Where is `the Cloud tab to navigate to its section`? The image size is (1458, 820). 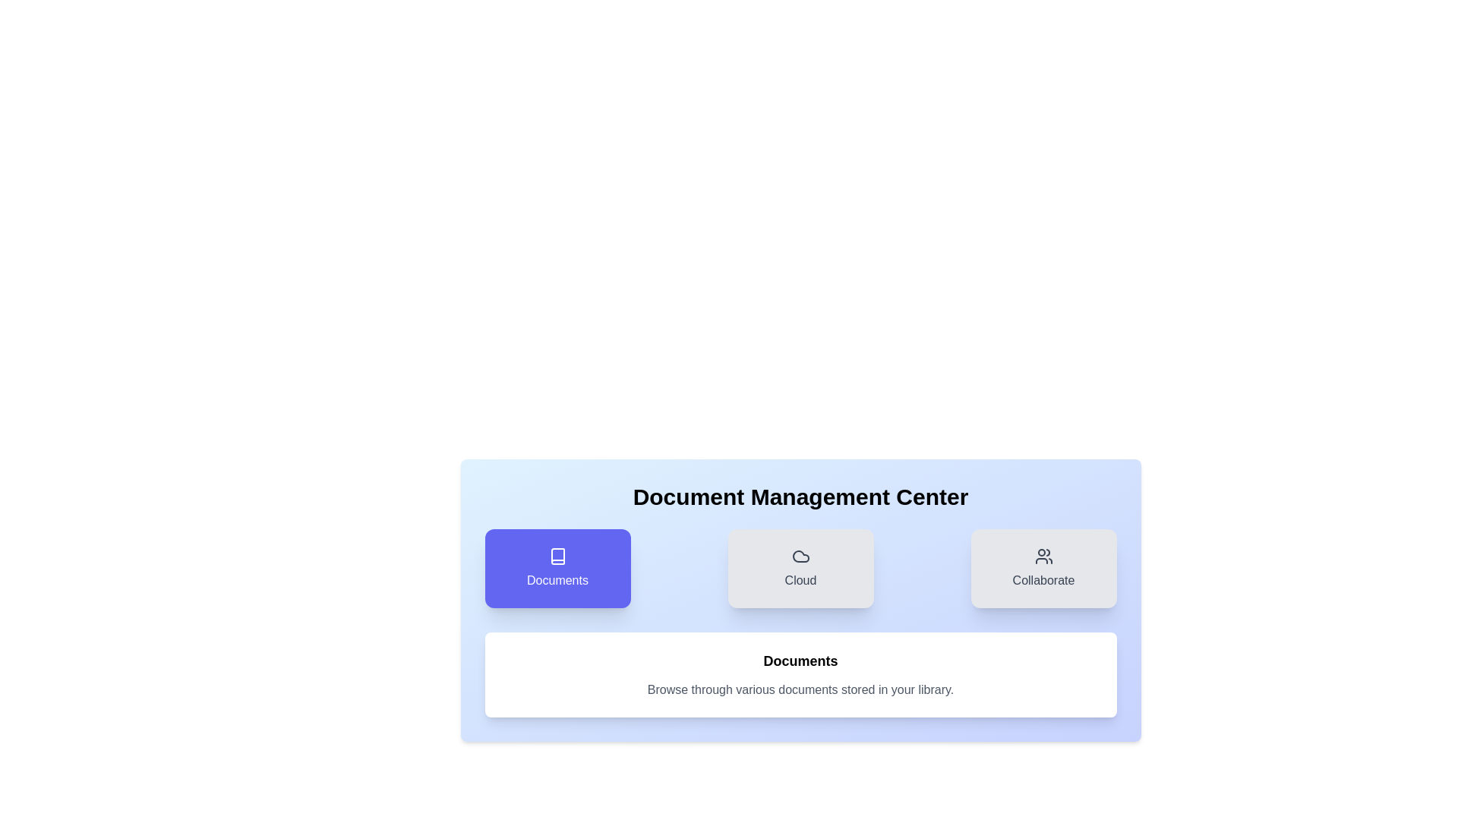
the Cloud tab to navigate to its section is located at coordinates (800, 568).